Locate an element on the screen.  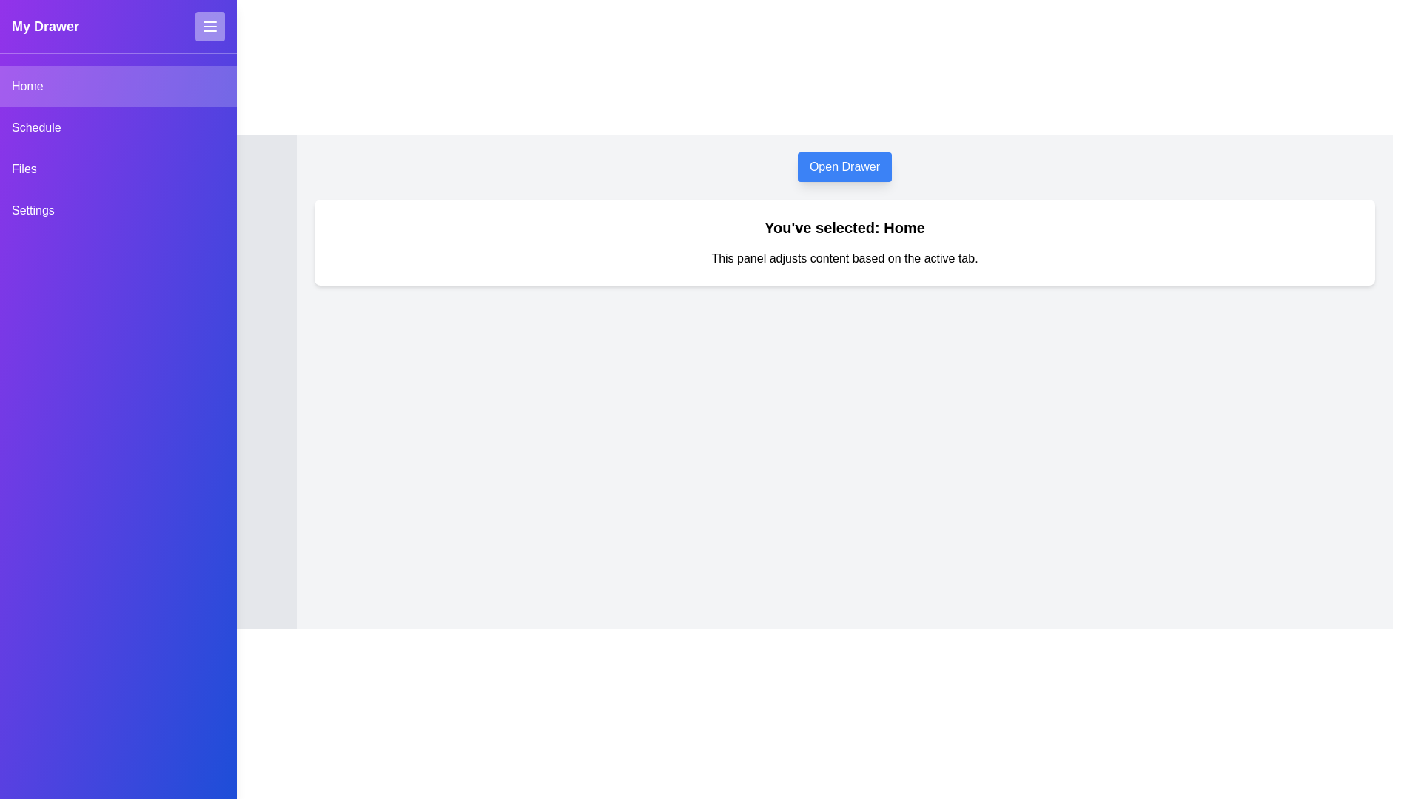
the 'Open Drawer' button to open the drawer is located at coordinates (844, 166).